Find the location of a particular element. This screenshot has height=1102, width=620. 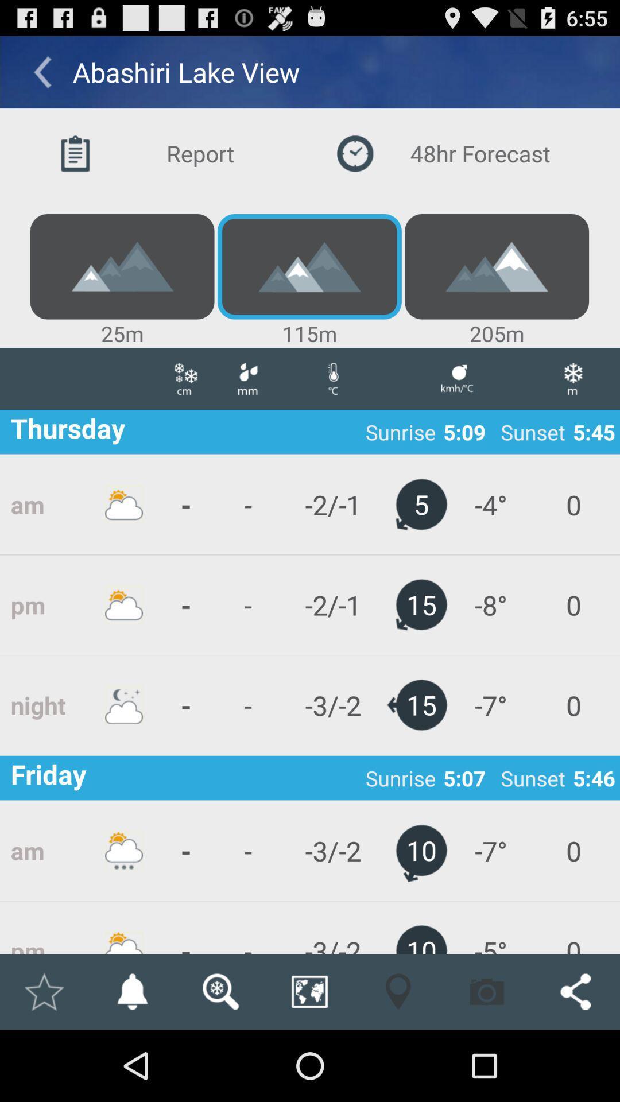

location is located at coordinates (43, 991).